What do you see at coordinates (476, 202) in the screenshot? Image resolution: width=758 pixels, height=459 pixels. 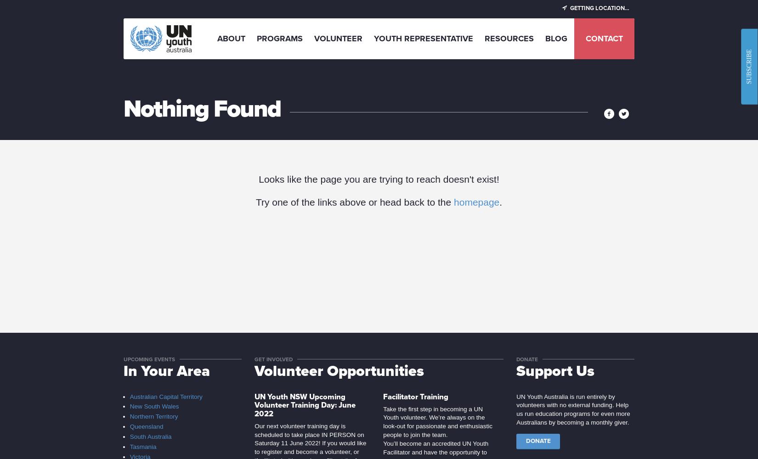 I see `'homepage'` at bounding box center [476, 202].